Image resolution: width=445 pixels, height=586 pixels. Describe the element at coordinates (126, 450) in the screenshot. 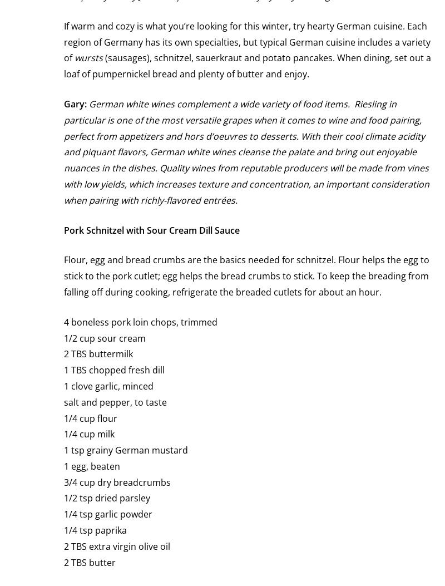

I see `'1 tsp grainy German mustard'` at that location.